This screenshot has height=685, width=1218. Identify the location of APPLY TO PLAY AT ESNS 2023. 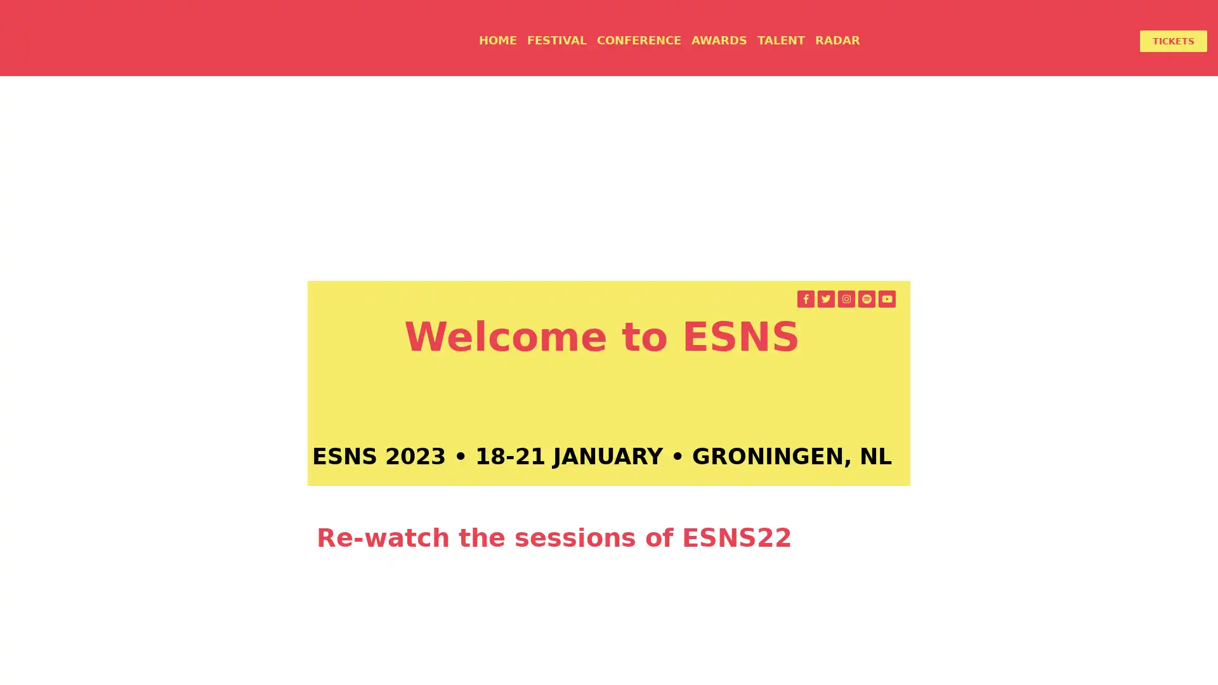
(752, 398).